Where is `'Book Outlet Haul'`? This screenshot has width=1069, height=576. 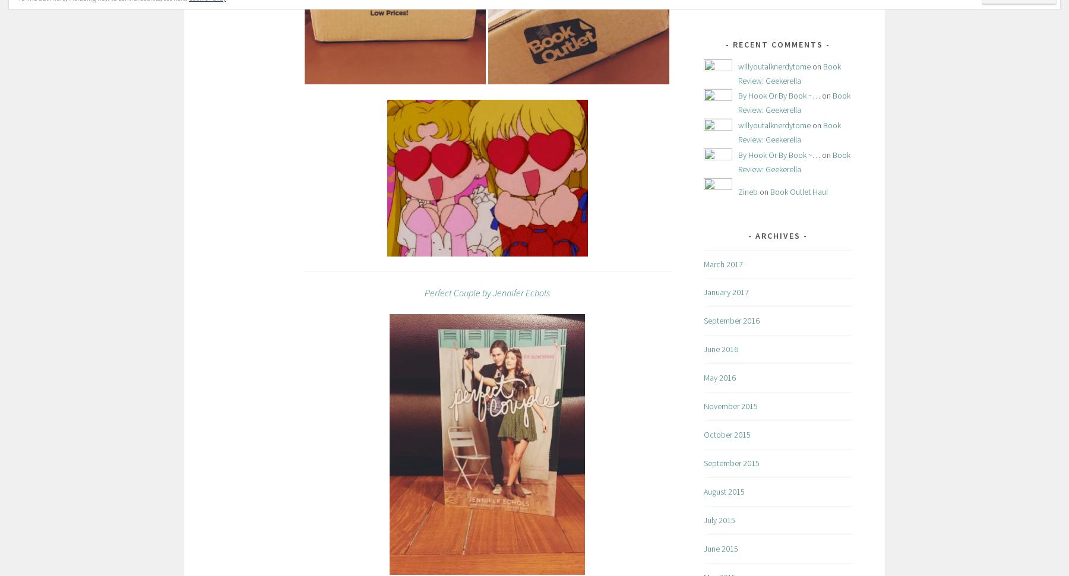 'Book Outlet Haul' is located at coordinates (799, 191).